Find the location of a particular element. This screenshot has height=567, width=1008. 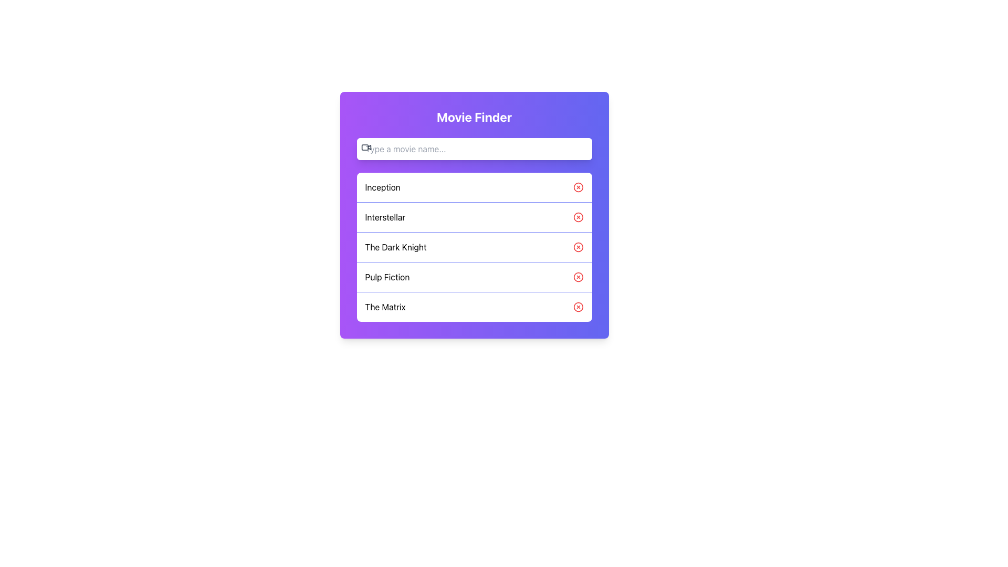

the 'Interstellar' list item is located at coordinates (474, 214).